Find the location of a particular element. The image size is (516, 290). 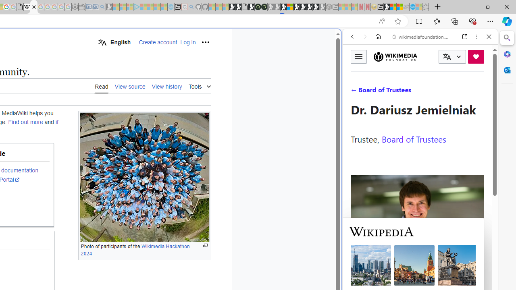

'Close split screen' is located at coordinates (340, 41).